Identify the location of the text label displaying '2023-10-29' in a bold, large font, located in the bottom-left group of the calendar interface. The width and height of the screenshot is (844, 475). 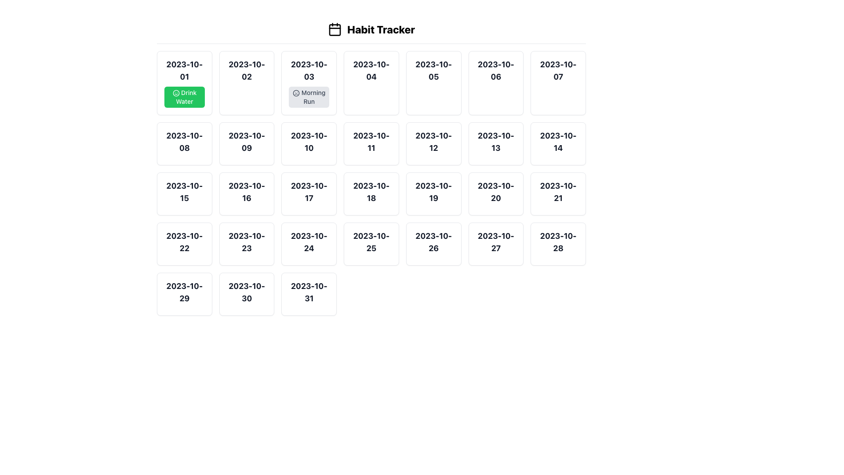
(184, 292).